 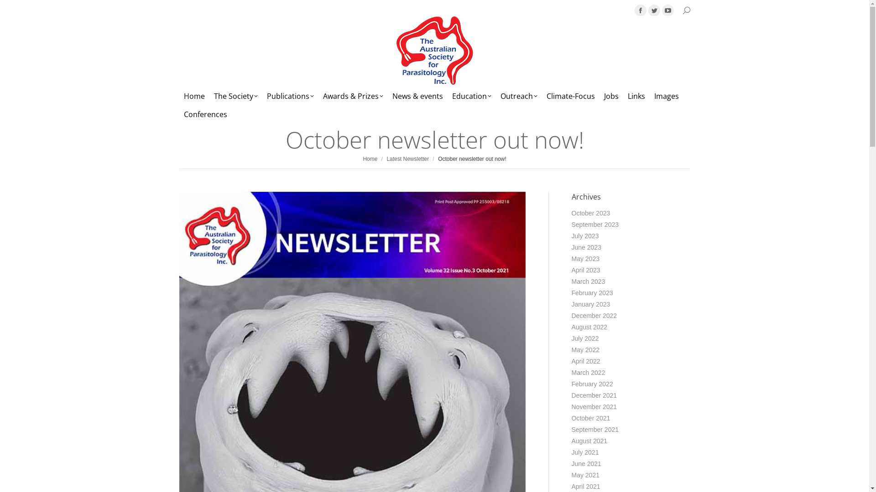 I want to click on 'June 2021', so click(x=586, y=464).